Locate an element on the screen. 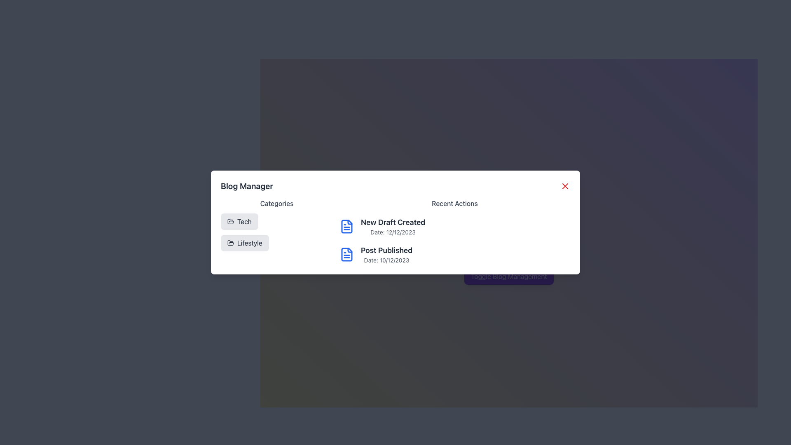 This screenshot has height=445, width=791. text from the 'Post Published' text block located in the 'Recent Actions' section of the 'Blog Manager' dialog, which displays 'Post Published' in bold dark gray and 'Date: 10/12/2023' in smaller light gray below it is located at coordinates (386, 254).